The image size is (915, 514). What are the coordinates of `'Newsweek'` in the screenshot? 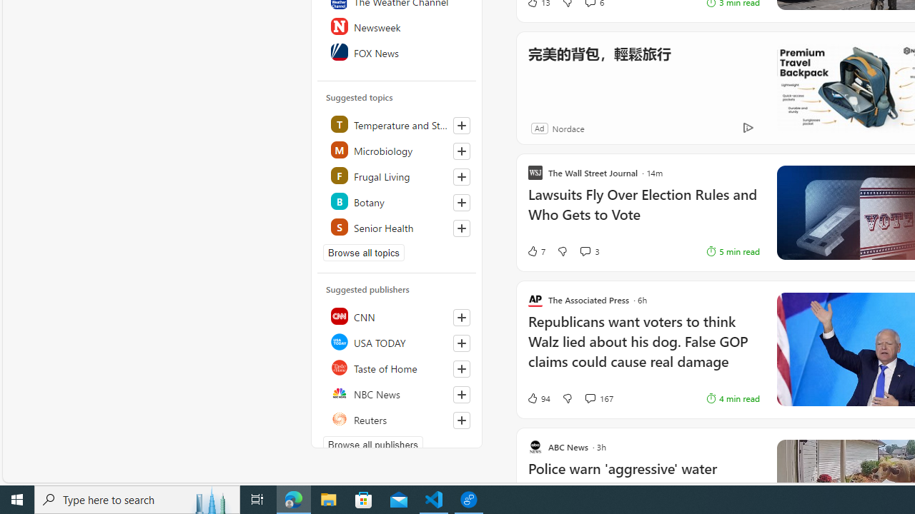 It's located at (397, 26).